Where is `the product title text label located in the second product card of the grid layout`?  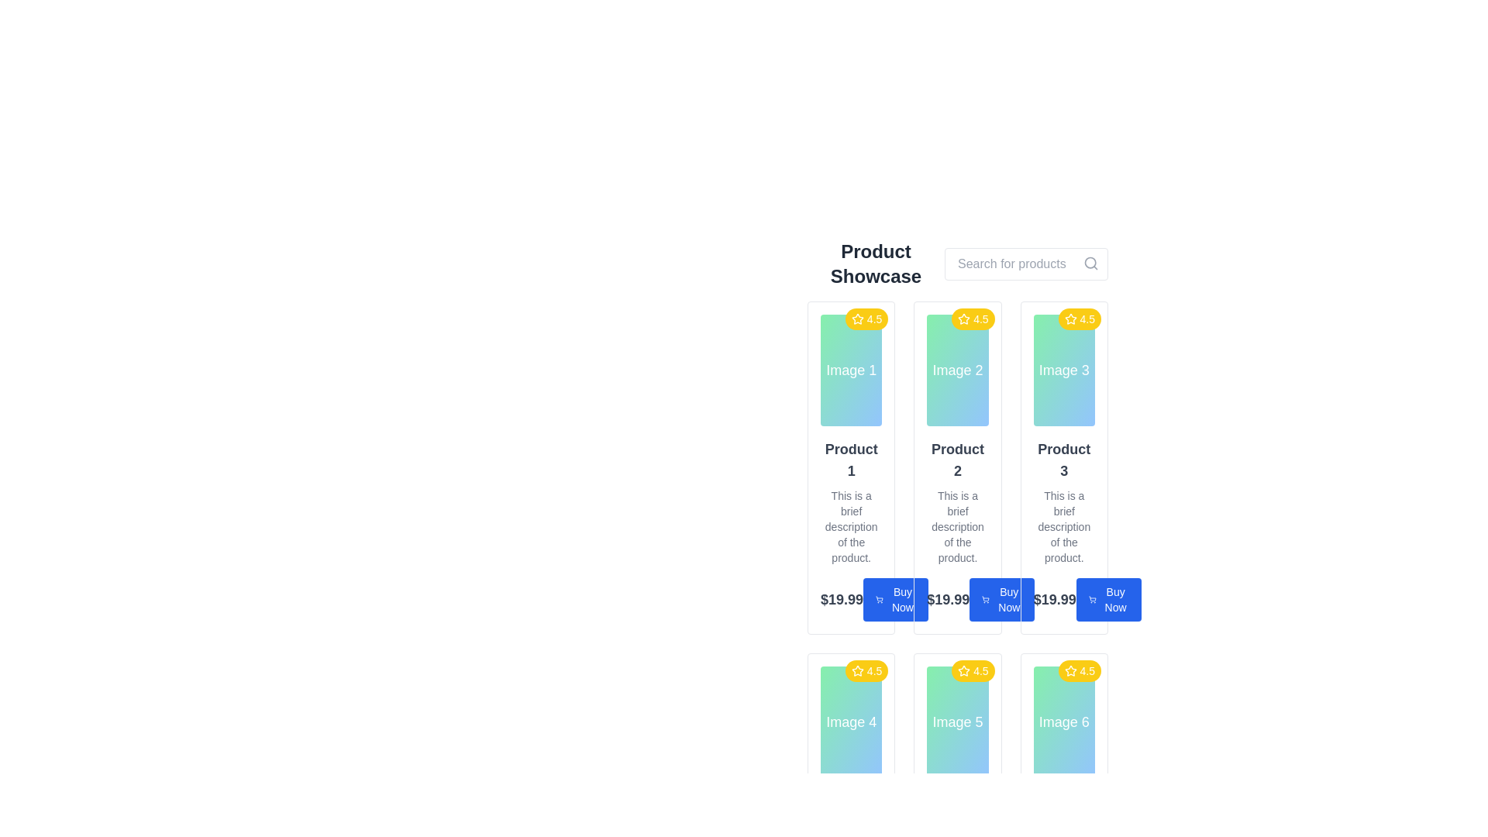 the product title text label located in the second product card of the grid layout is located at coordinates (956, 460).